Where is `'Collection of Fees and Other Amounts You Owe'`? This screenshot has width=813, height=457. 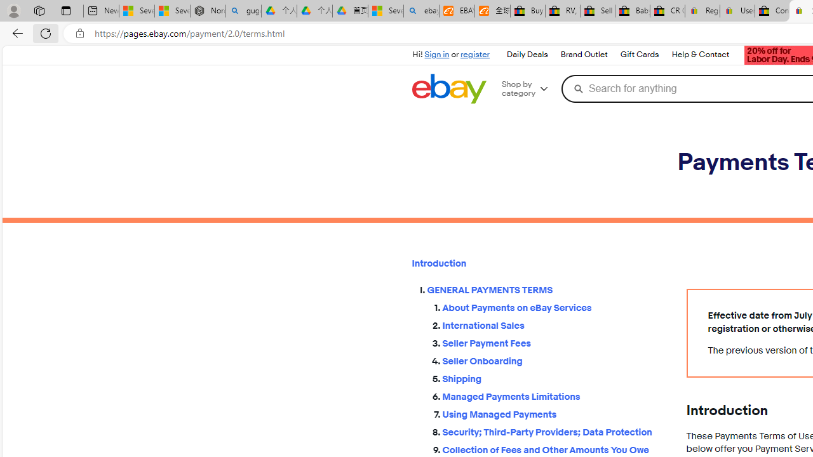
'Collection of Fees and Other Amounts You Owe' is located at coordinates (554, 449).